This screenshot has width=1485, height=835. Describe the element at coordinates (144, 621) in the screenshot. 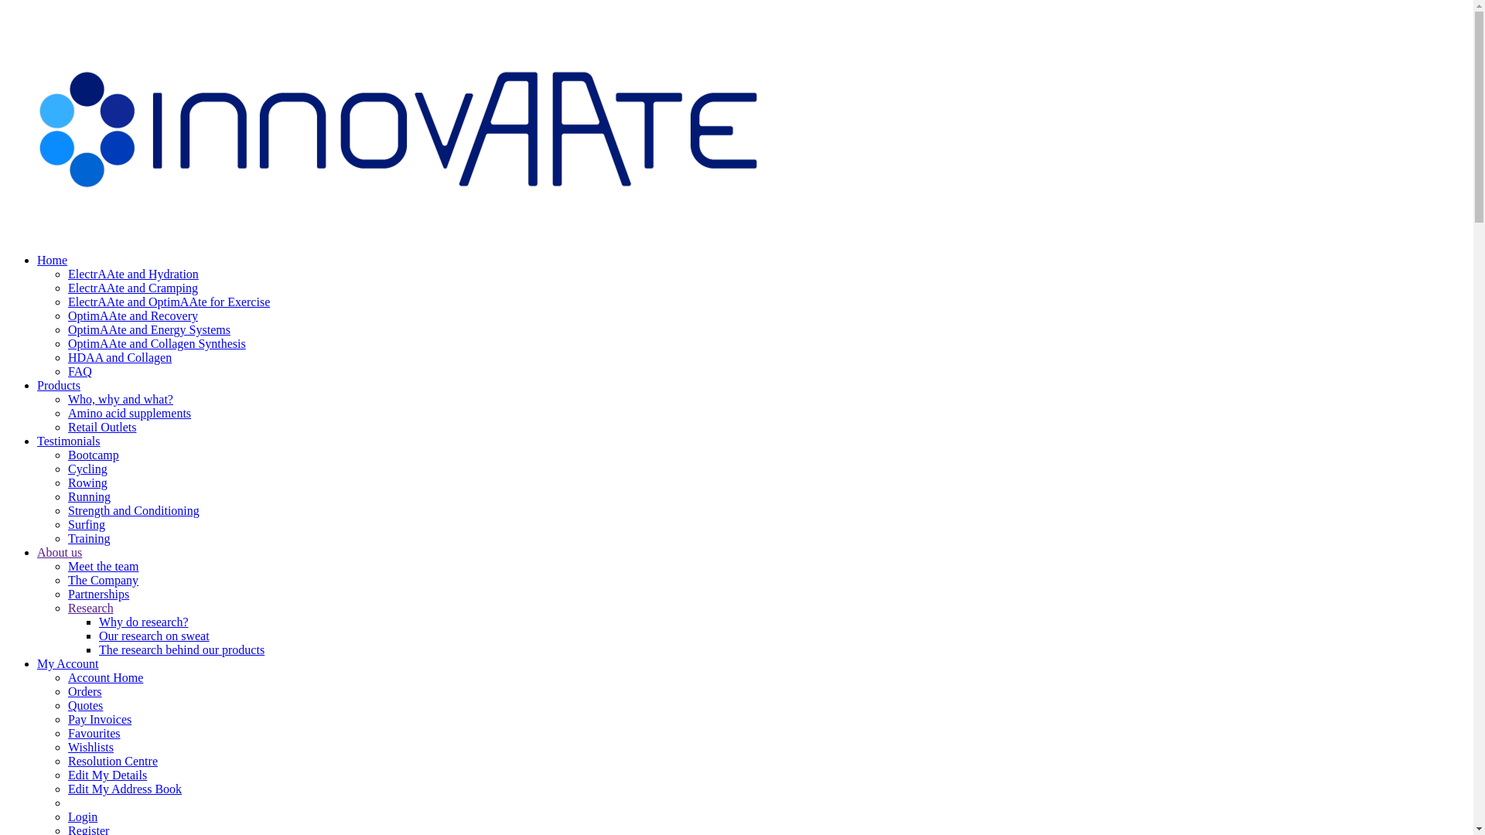

I see `'Why do research?'` at that location.